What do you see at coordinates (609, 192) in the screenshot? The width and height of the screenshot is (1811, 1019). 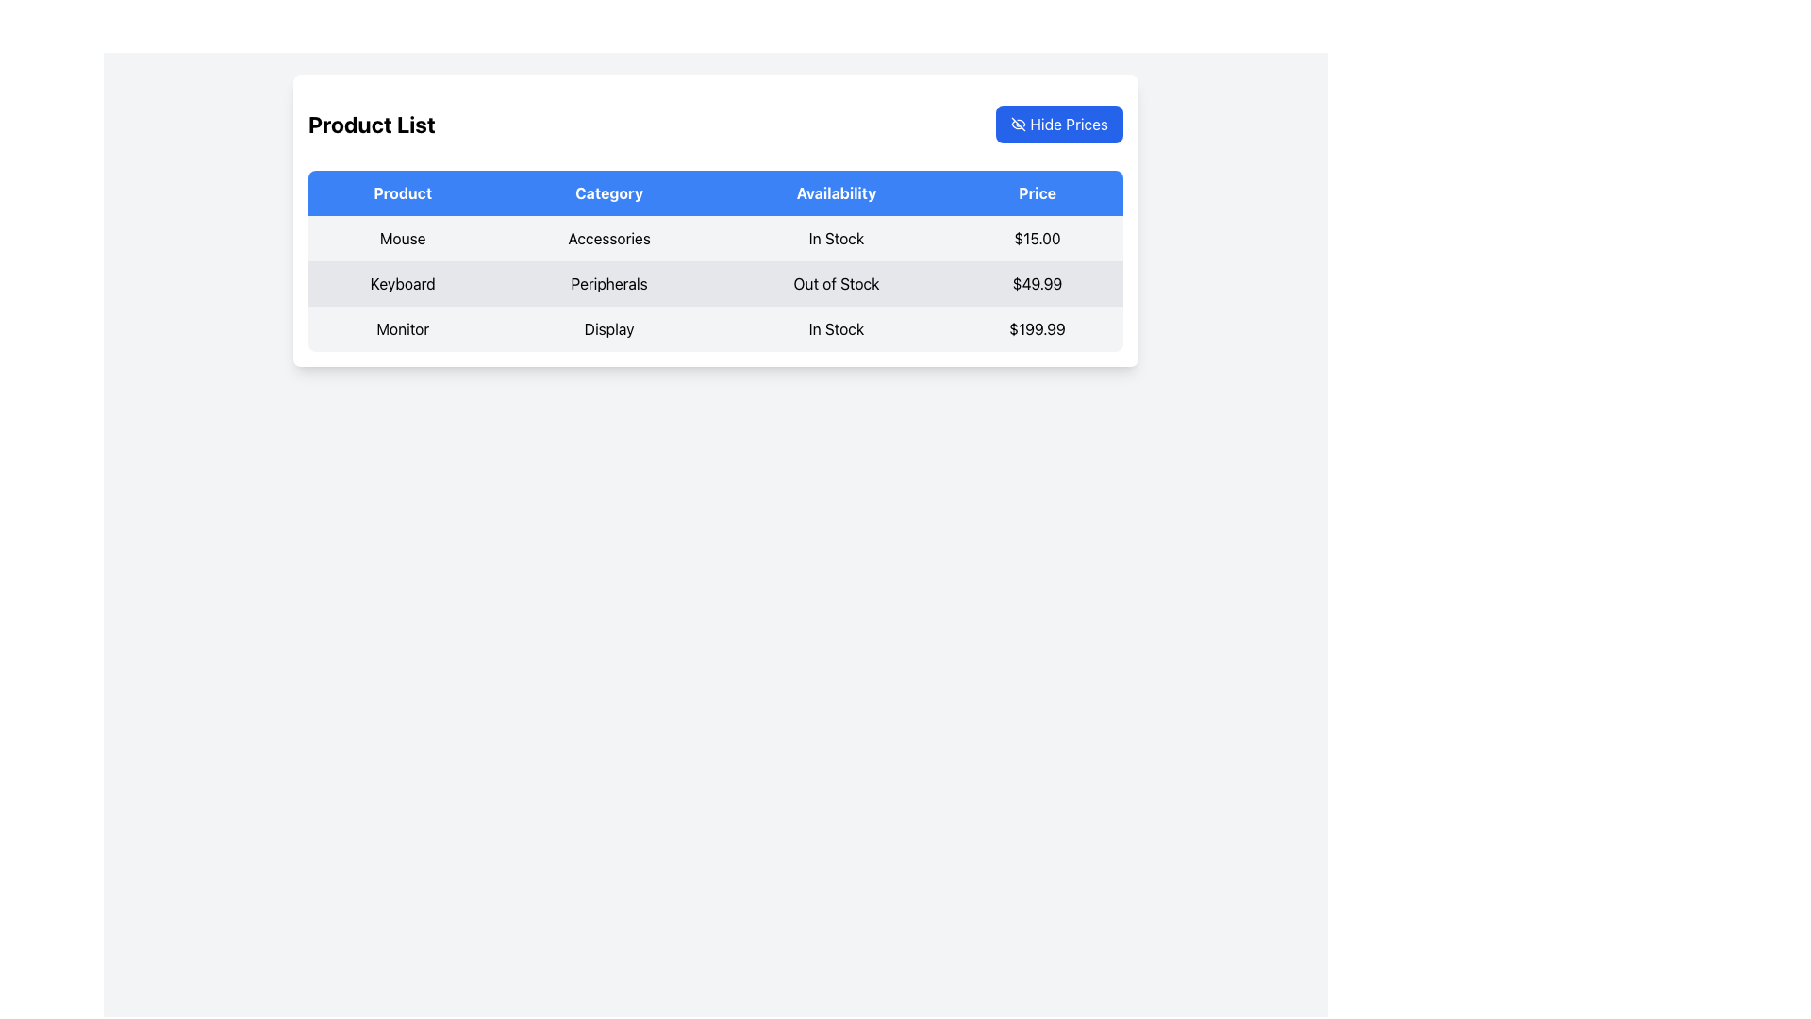 I see `the 'Category' tab button, which is the second tab in a horizontal tab bar with a blue background and bold white text` at bounding box center [609, 192].